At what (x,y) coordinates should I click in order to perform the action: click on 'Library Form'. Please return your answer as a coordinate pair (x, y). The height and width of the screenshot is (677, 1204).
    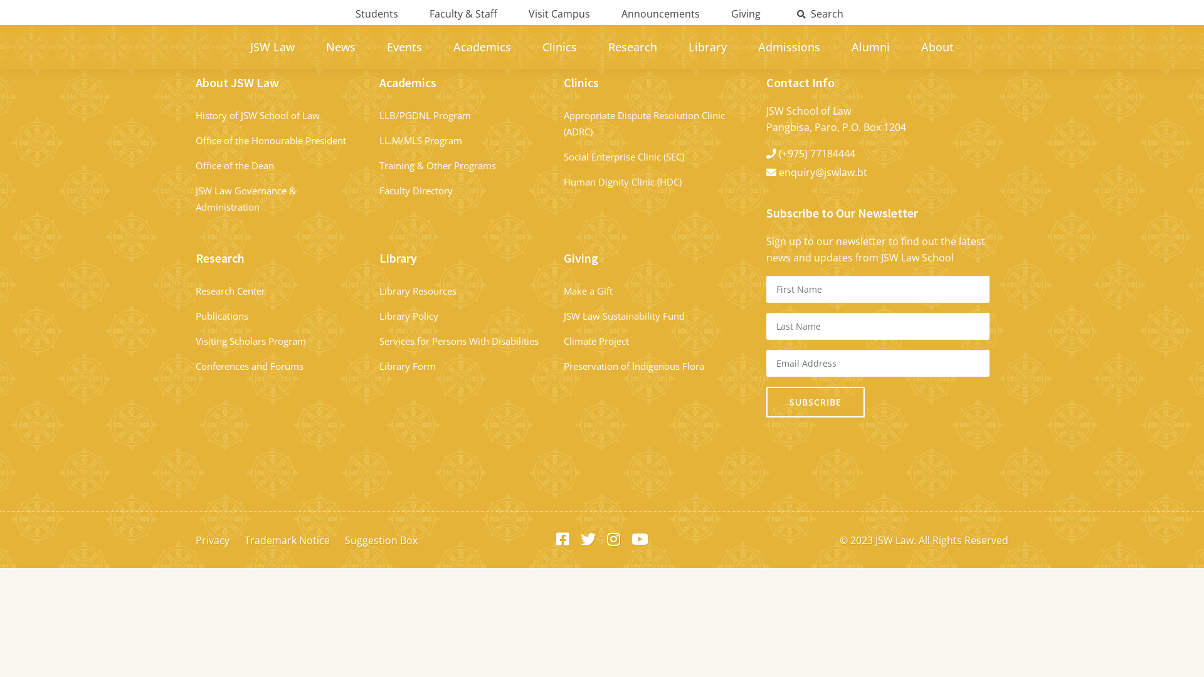
    Looking at the image, I should click on (407, 365).